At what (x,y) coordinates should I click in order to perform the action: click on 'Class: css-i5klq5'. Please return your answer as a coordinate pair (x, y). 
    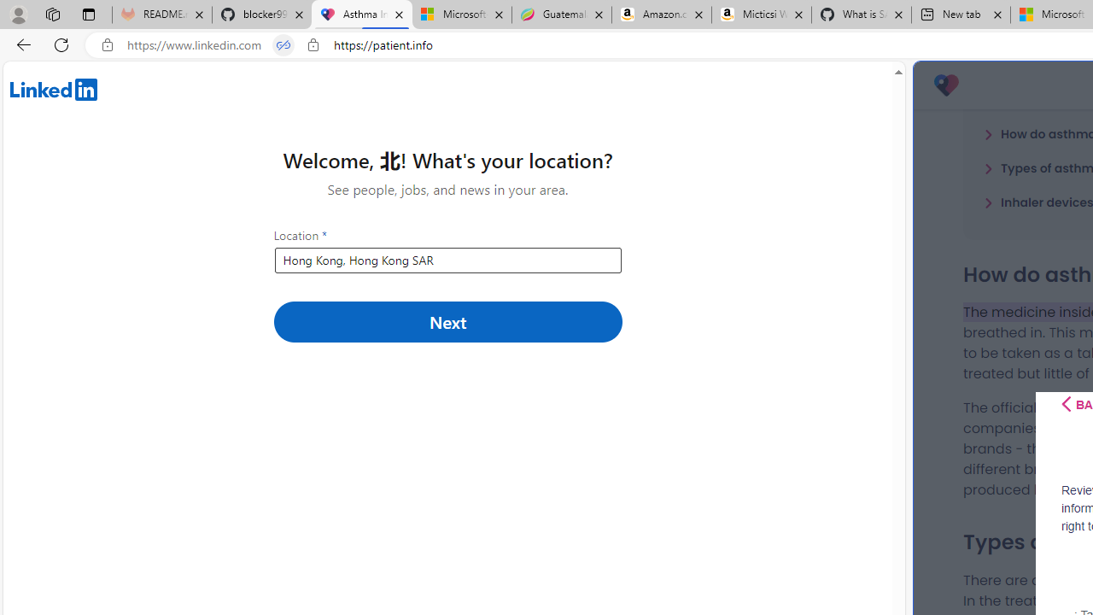
    Looking at the image, I should click on (1065, 404).